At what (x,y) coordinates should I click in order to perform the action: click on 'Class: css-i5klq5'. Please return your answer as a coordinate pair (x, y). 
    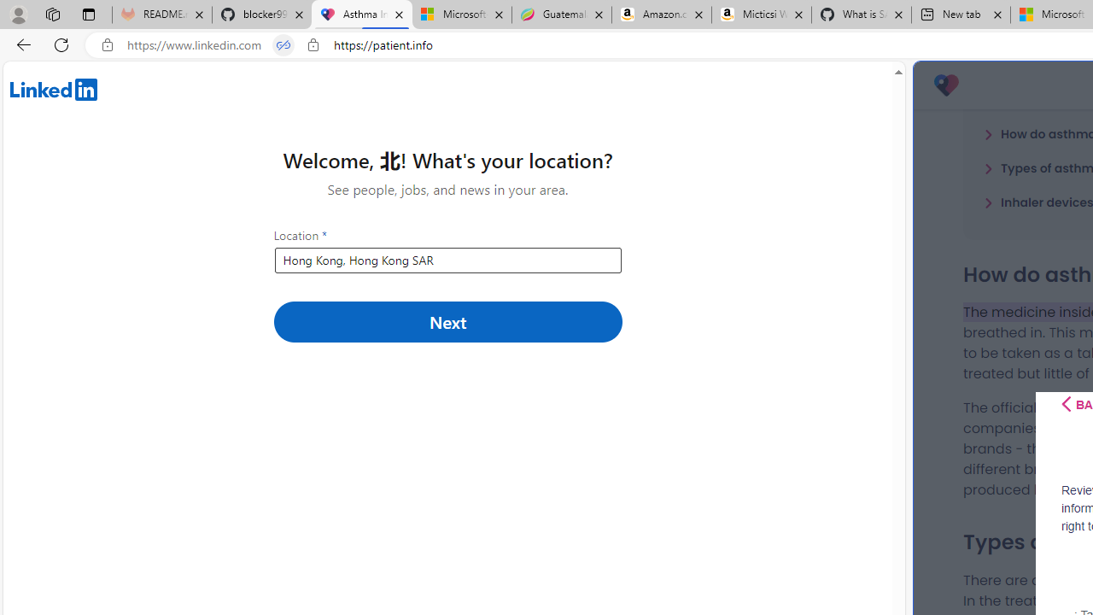
    Looking at the image, I should click on (1065, 404).